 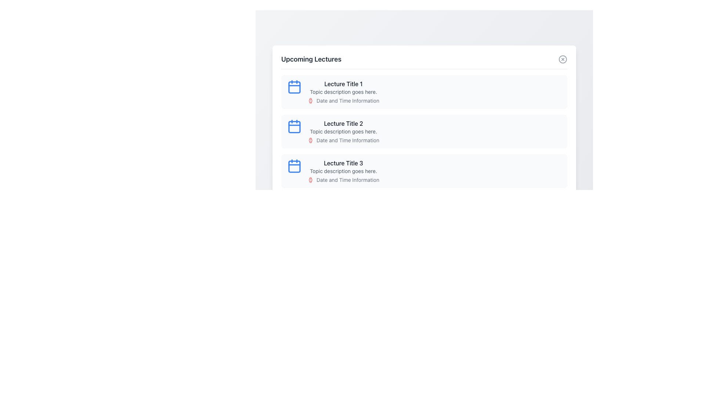 I want to click on the text label that provides information on the date and time of the third lecture, which is located underneath the third lecture title in the vertically stacked list of lectures, so click(x=347, y=180).